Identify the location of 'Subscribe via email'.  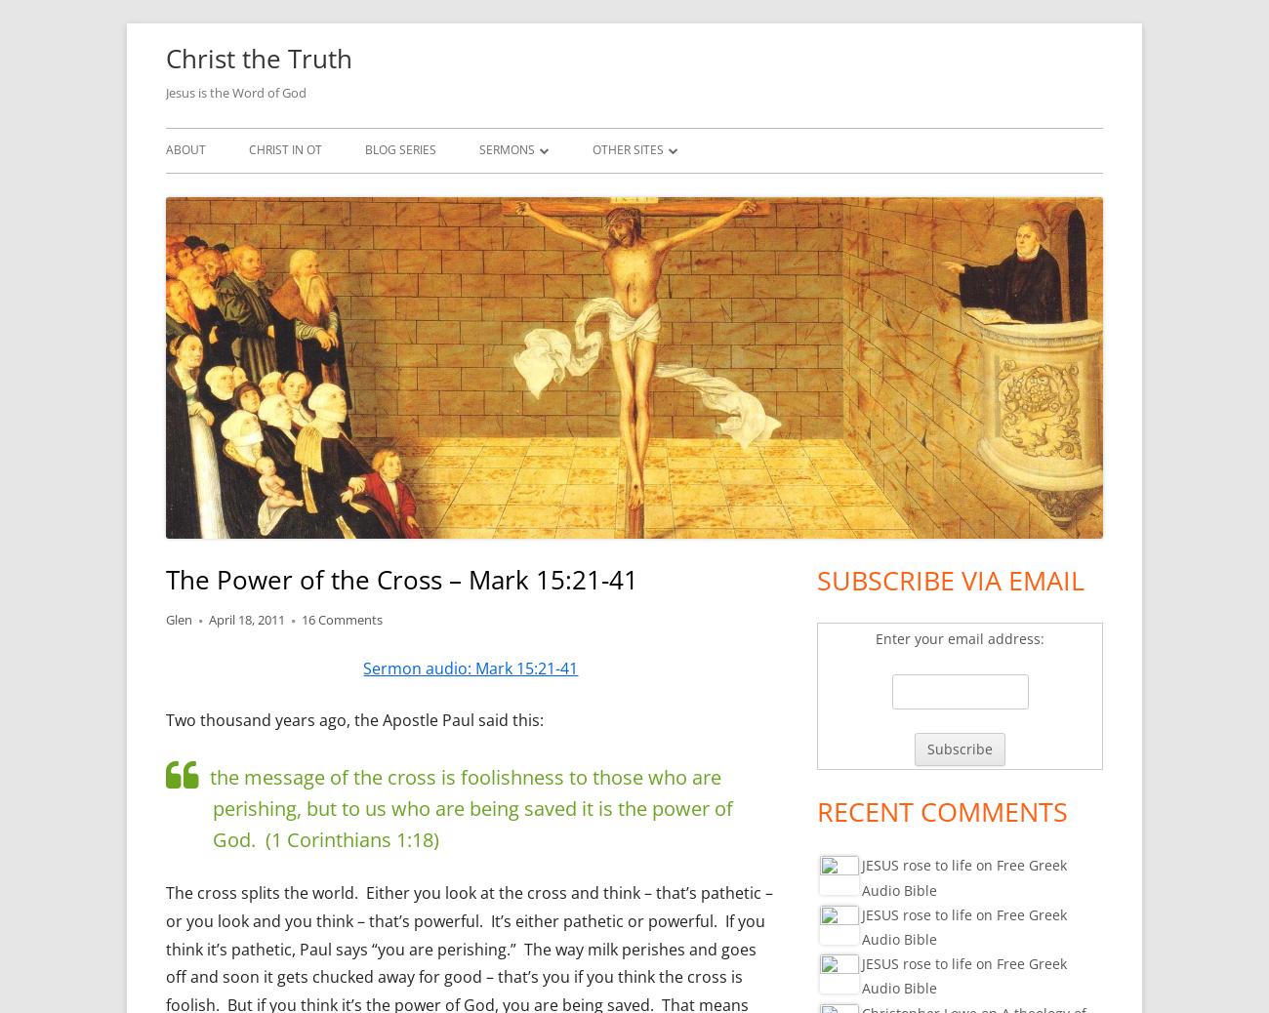
(950, 578).